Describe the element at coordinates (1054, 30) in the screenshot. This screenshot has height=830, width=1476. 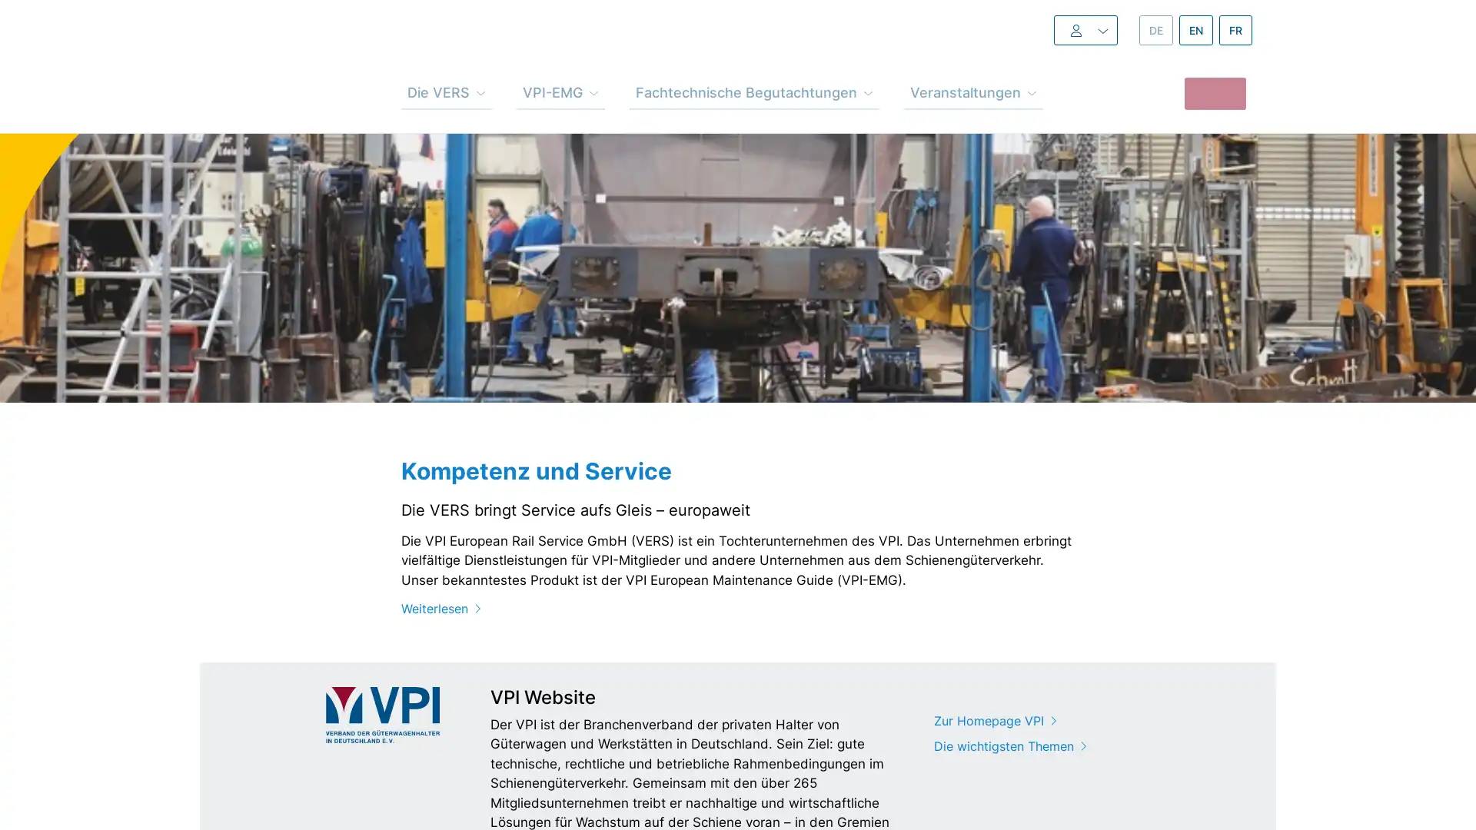
I see `Login` at that location.